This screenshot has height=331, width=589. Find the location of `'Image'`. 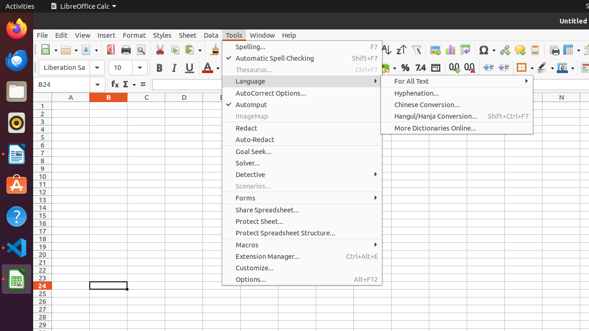

'Image' is located at coordinates (434, 50).